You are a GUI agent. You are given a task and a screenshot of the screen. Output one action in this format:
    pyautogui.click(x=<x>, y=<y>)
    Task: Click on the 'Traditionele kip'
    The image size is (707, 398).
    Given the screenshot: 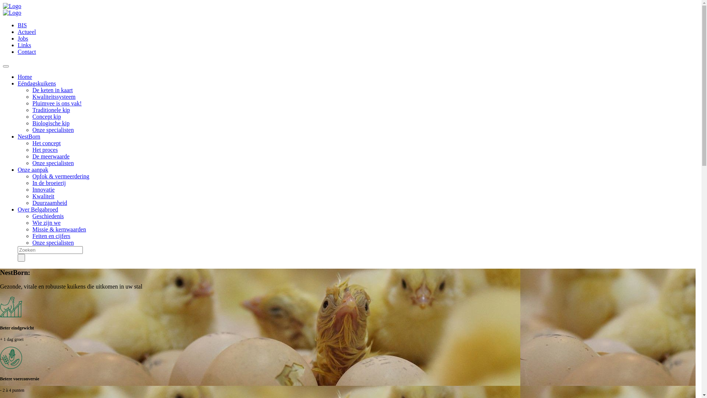 What is the action you would take?
    pyautogui.click(x=51, y=110)
    